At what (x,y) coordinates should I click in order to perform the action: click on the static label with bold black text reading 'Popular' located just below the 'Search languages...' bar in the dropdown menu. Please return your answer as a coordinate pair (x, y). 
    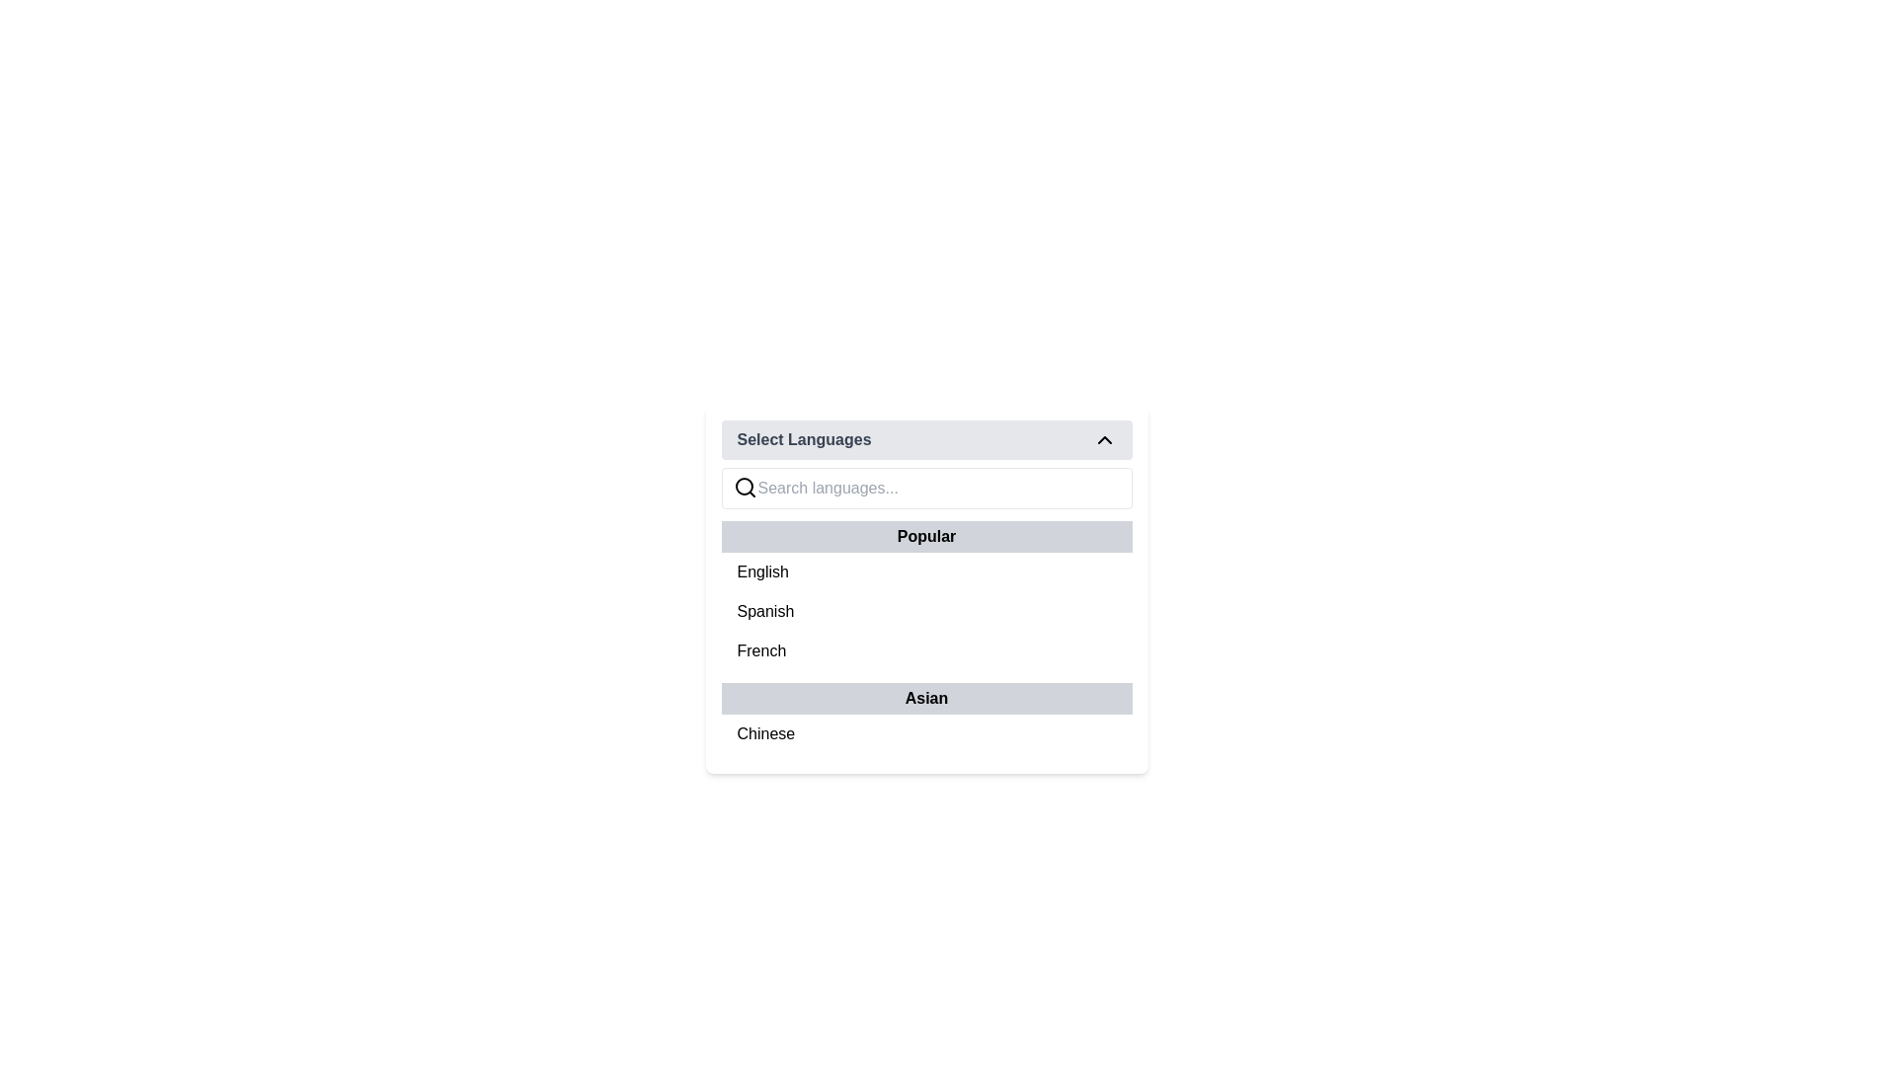
    Looking at the image, I should click on (925, 536).